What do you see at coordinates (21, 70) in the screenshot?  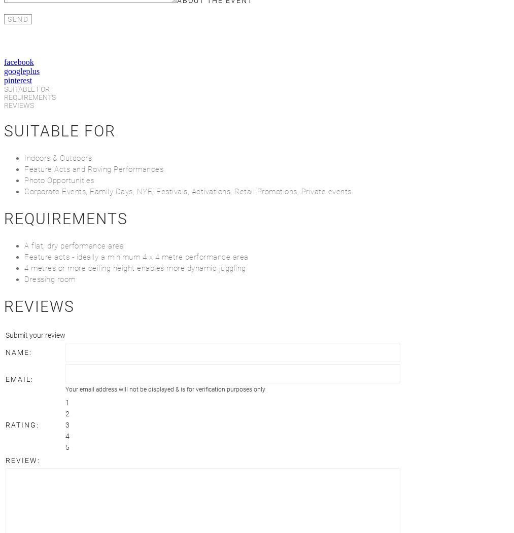 I see `'googleplus'` at bounding box center [21, 70].